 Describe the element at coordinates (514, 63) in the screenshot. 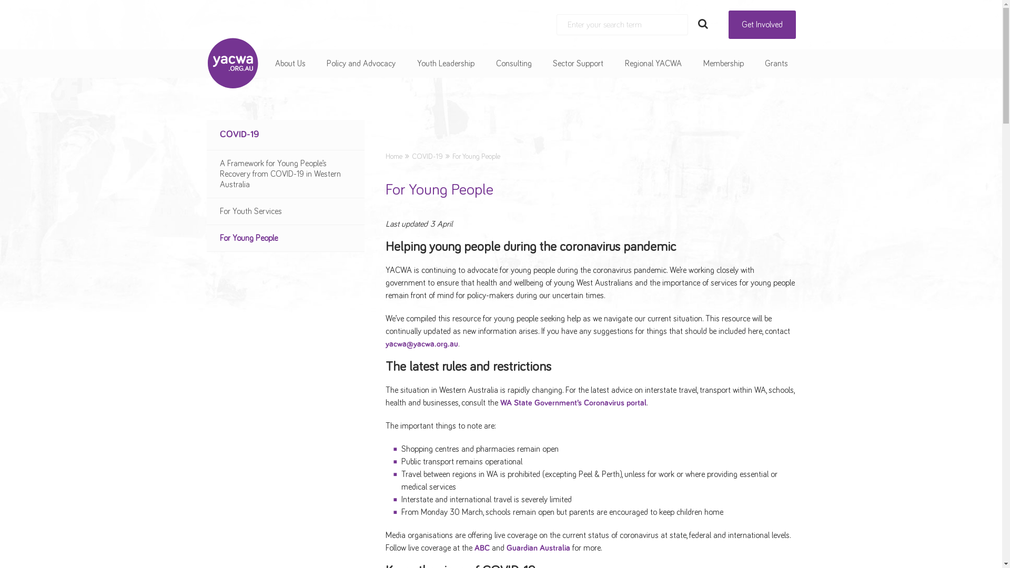

I see `'Consulting'` at that location.